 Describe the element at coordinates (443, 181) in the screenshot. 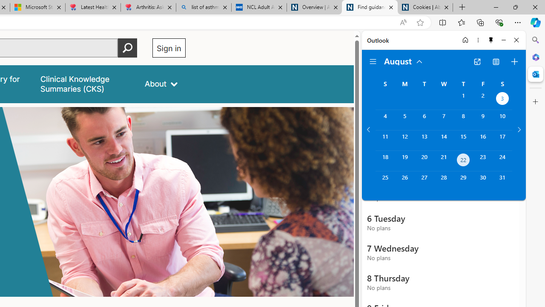

I see `'Wednesday, August 28, 2024. '` at that location.